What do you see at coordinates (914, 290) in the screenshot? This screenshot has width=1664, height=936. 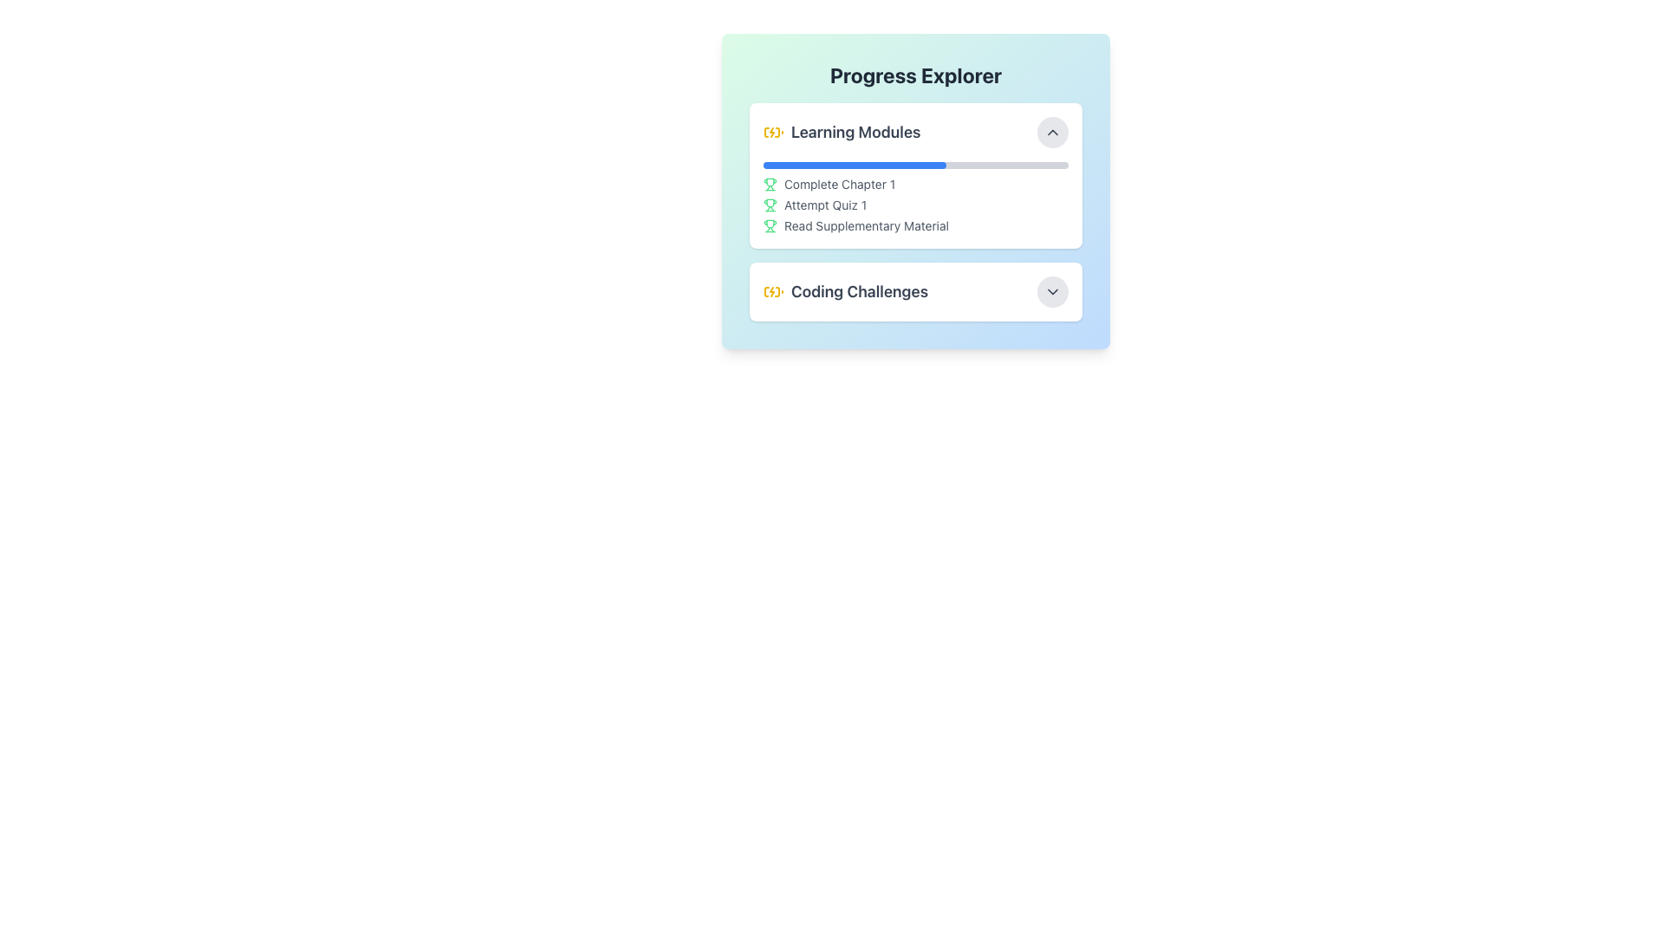 I see `the Collapsible Section Header labeled 'Coding Challenges'` at bounding box center [914, 290].